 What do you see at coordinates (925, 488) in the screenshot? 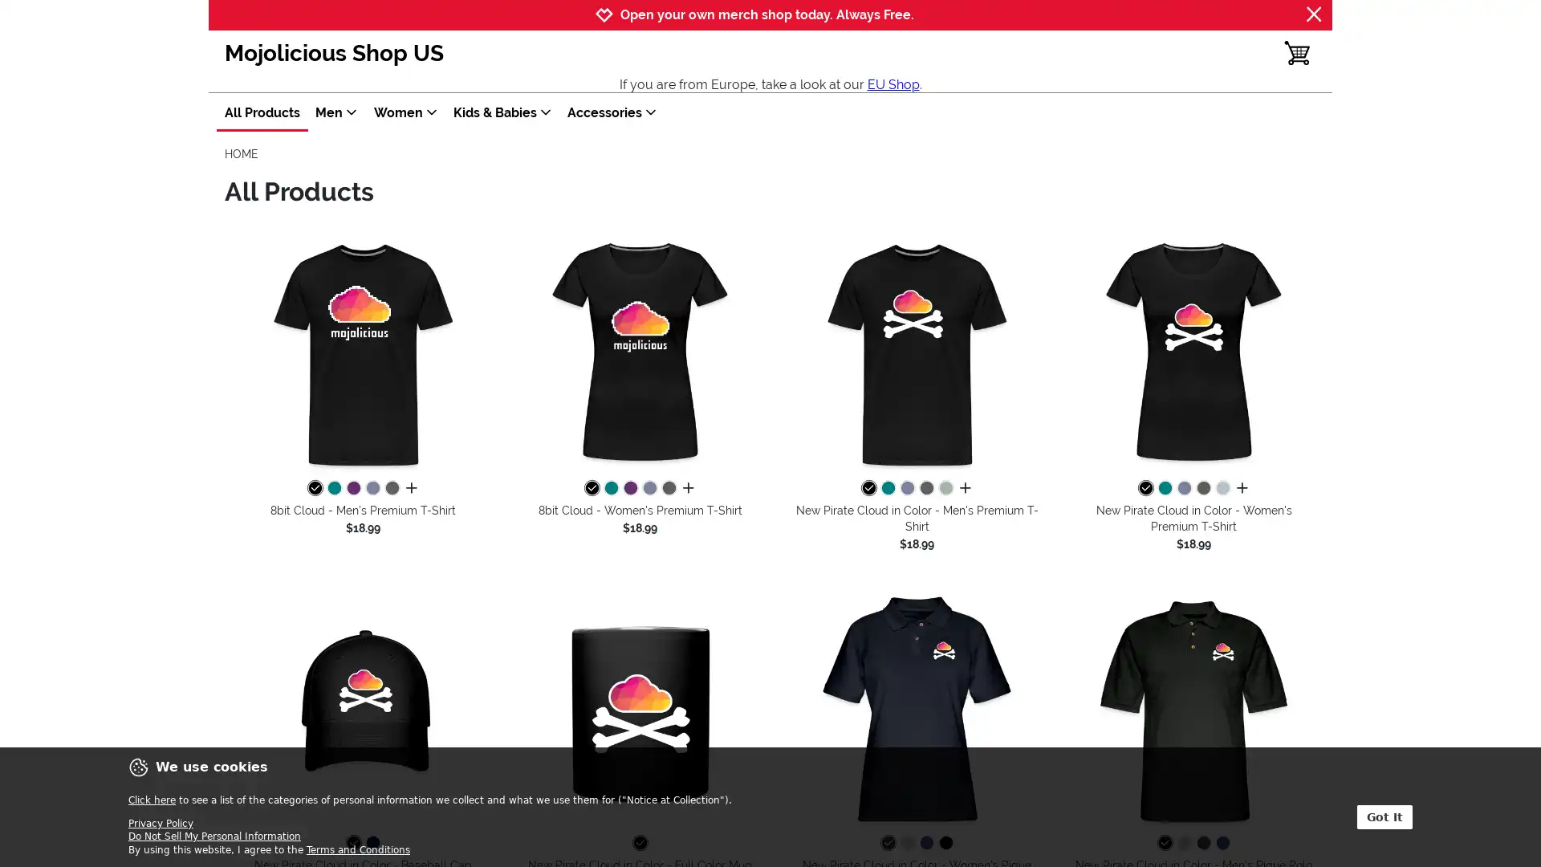
I see `charcoal grey` at bounding box center [925, 488].